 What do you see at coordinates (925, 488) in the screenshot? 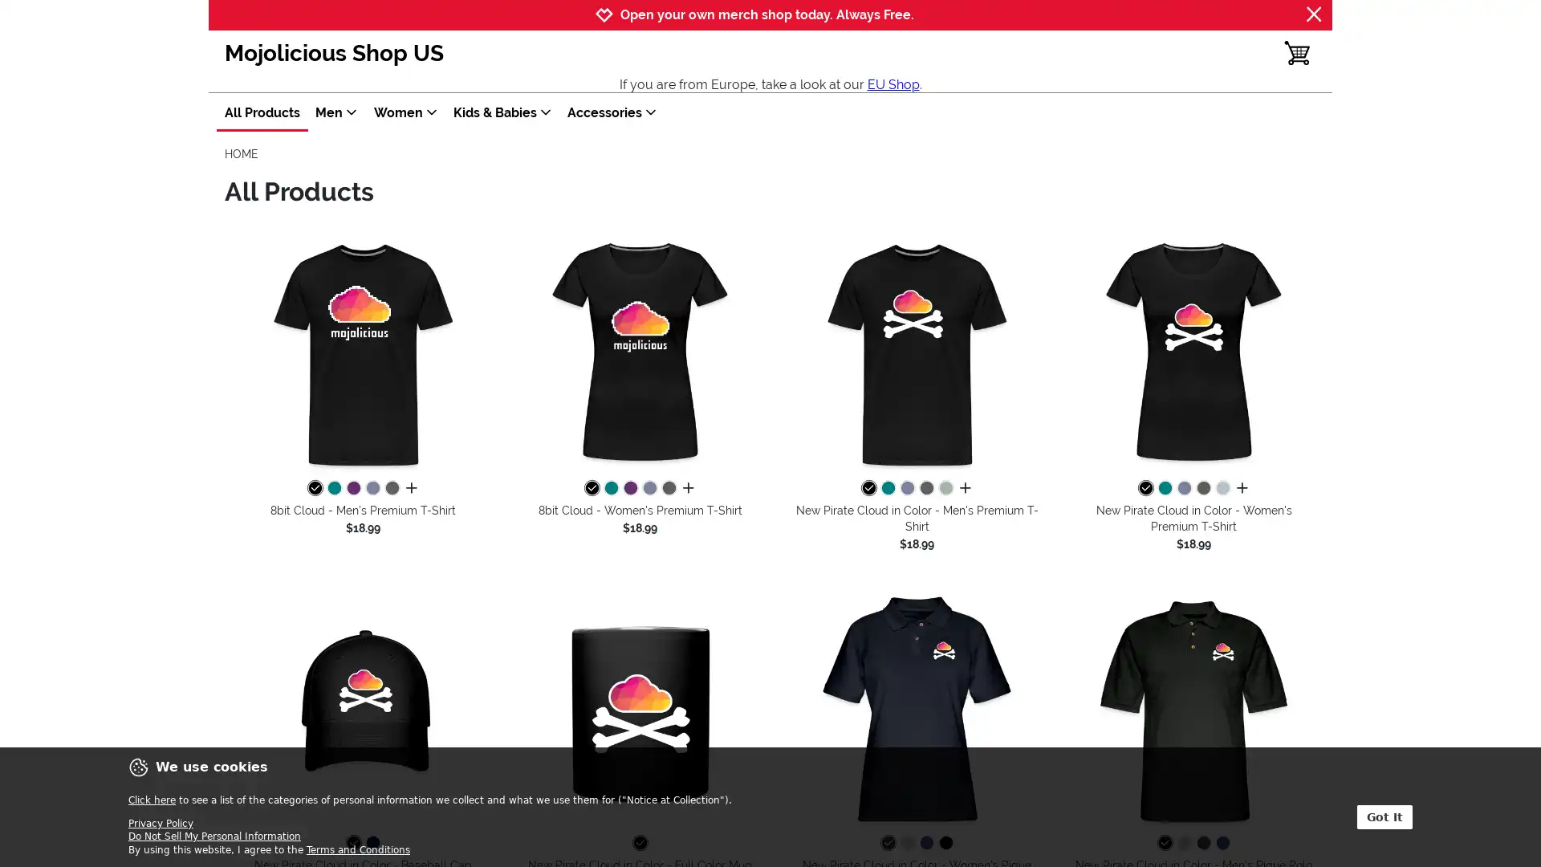
I see `charcoal grey` at bounding box center [925, 488].